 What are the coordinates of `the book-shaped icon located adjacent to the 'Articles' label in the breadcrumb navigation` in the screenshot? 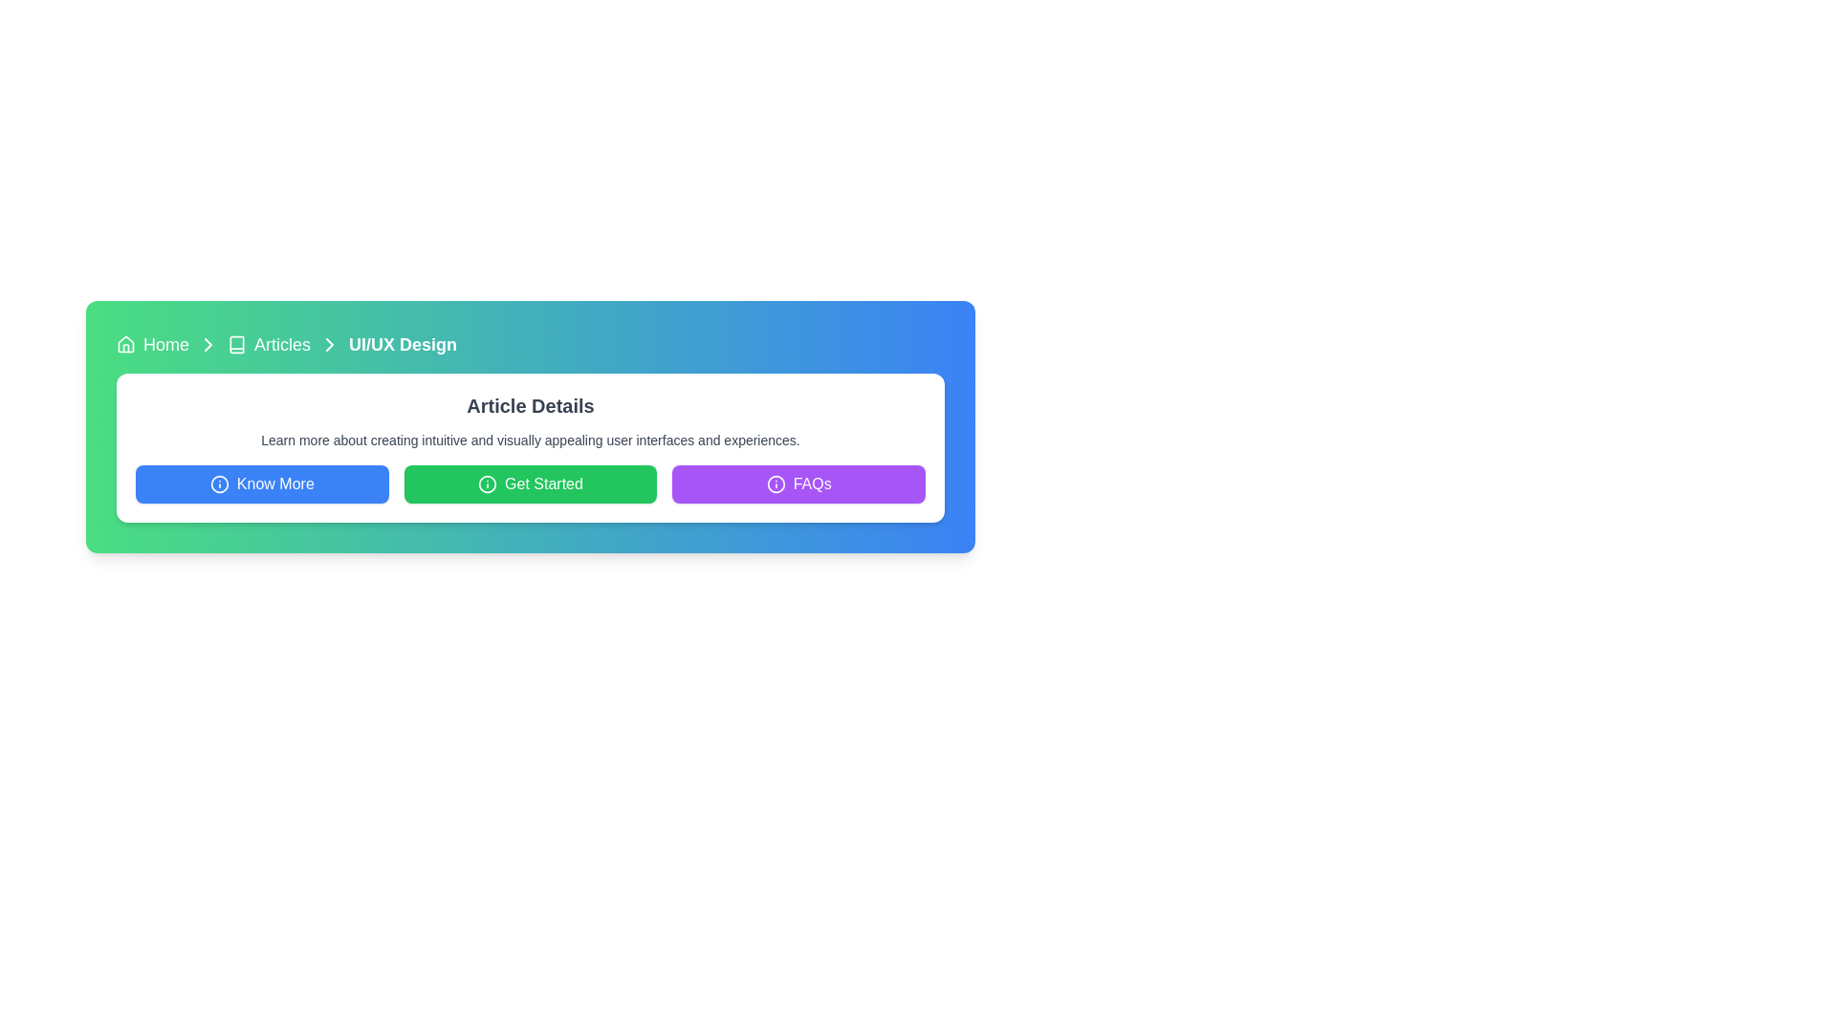 It's located at (236, 345).